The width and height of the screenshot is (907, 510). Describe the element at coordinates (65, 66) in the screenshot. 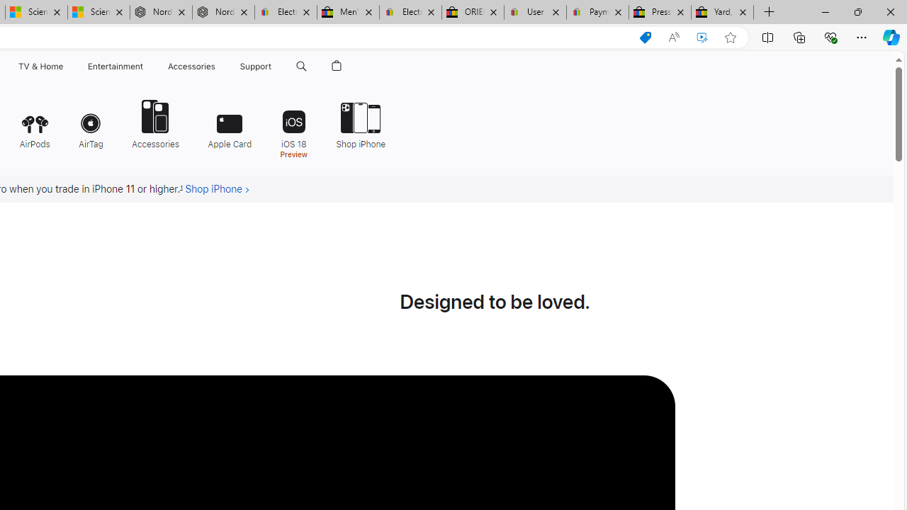

I see `'TV and Home menu'` at that location.